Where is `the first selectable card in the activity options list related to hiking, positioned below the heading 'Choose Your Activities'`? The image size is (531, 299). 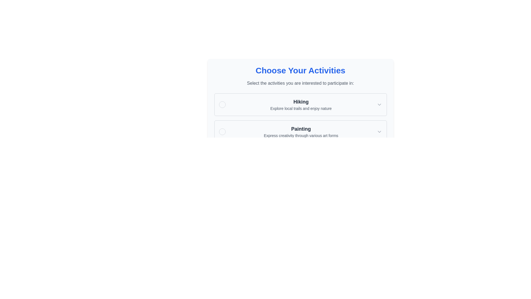 the first selectable card in the activity options list related to hiking, positioned below the heading 'Choose Your Activities' is located at coordinates (300, 105).